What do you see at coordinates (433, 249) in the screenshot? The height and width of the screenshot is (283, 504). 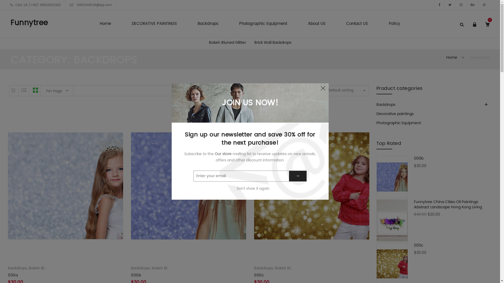 I see `'000c'` at bounding box center [433, 249].